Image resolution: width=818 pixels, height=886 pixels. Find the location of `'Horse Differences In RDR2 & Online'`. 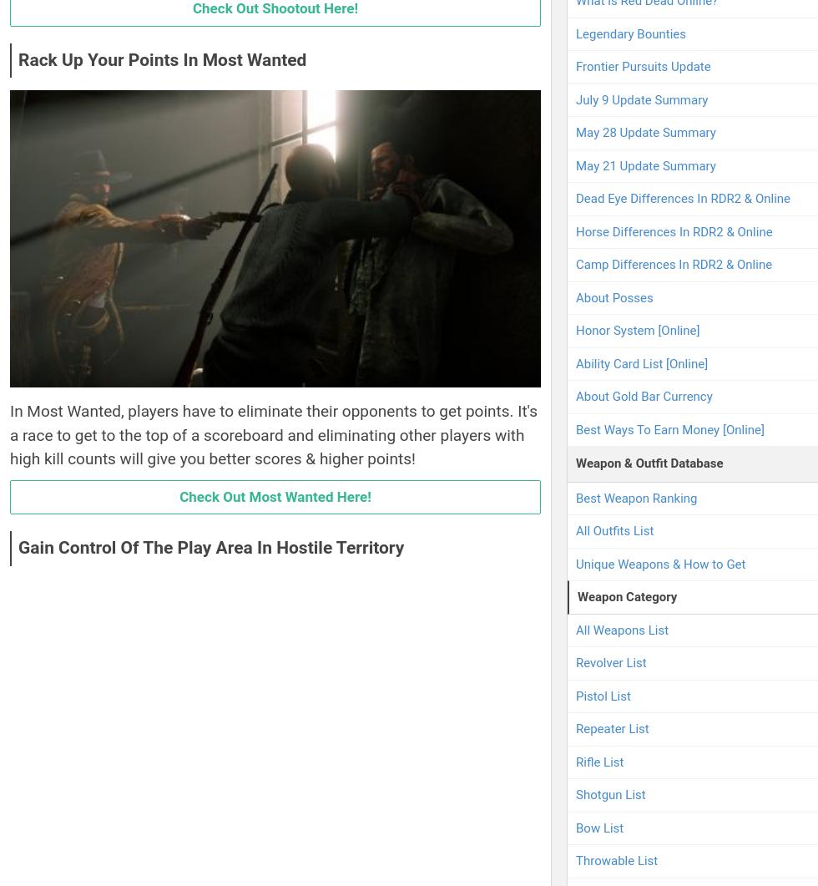

'Horse Differences In RDR2 & Online' is located at coordinates (576, 230).